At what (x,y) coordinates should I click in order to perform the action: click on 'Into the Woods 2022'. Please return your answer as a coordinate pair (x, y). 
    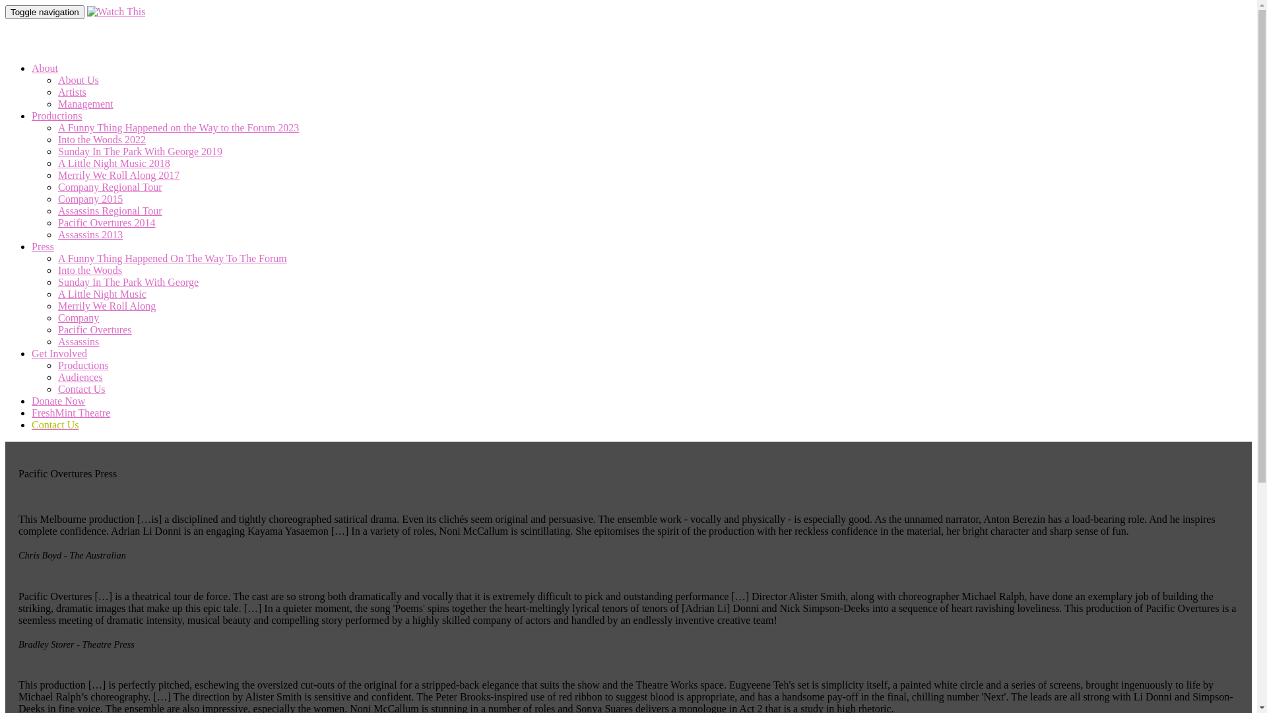
    Looking at the image, I should click on (57, 139).